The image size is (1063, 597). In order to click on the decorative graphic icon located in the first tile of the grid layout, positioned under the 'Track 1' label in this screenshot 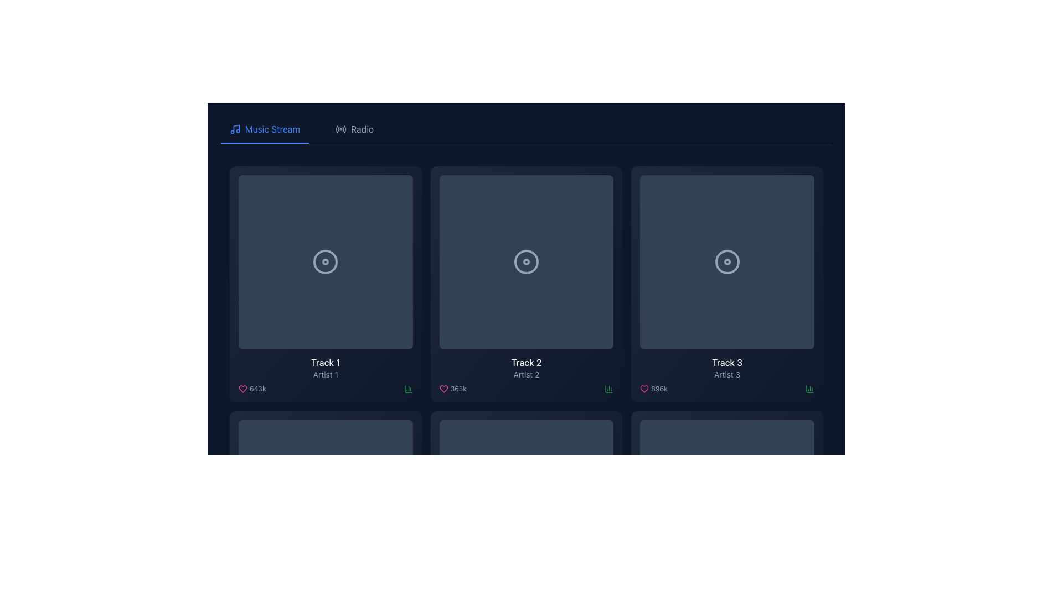, I will do `click(325, 262)`.